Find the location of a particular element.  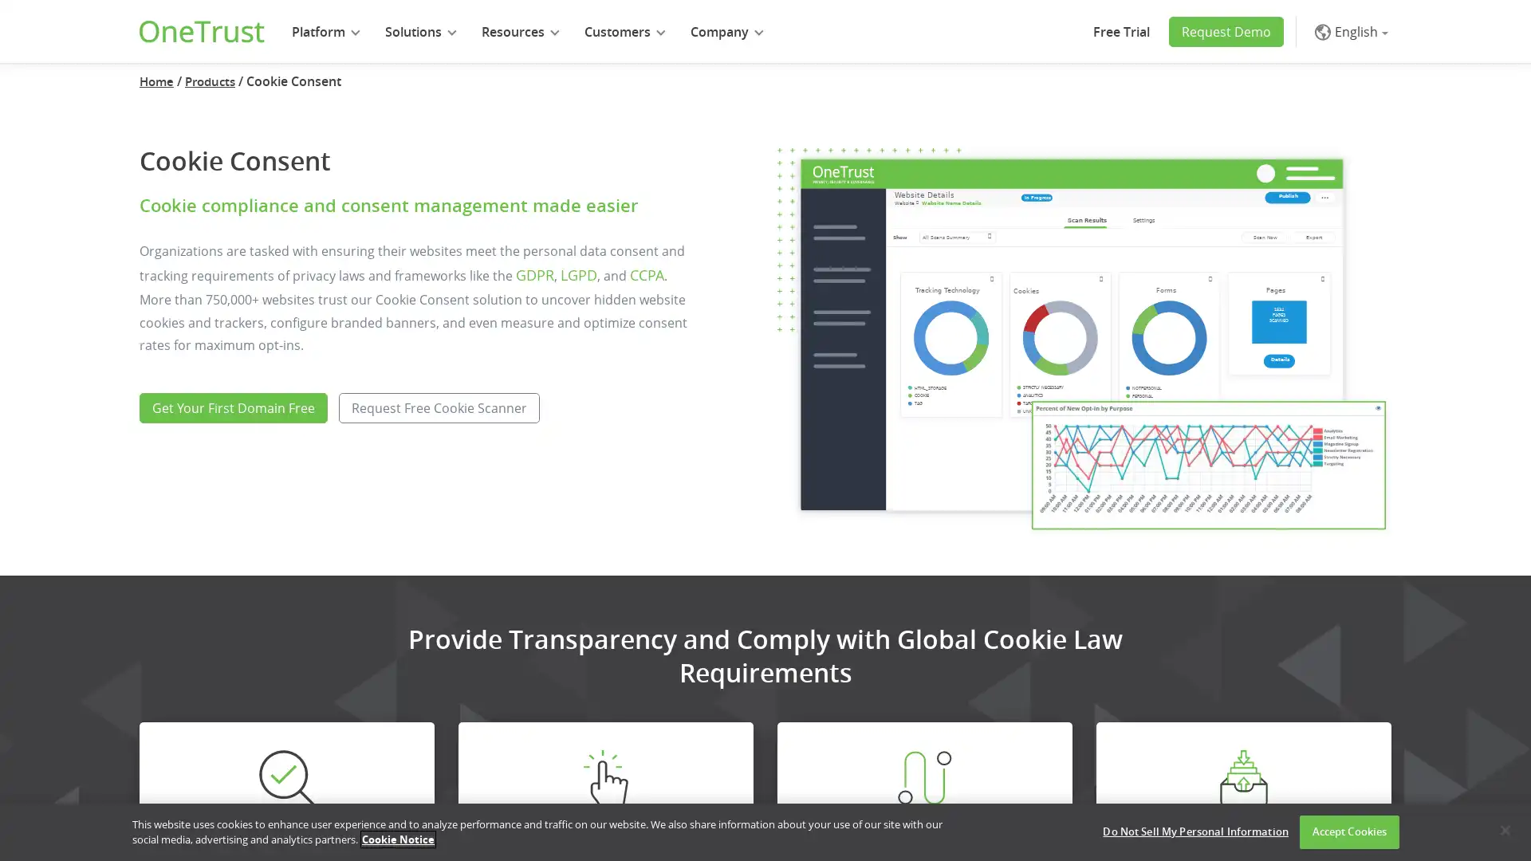

Do Not Sell My Personal Information is located at coordinates (1195, 832).